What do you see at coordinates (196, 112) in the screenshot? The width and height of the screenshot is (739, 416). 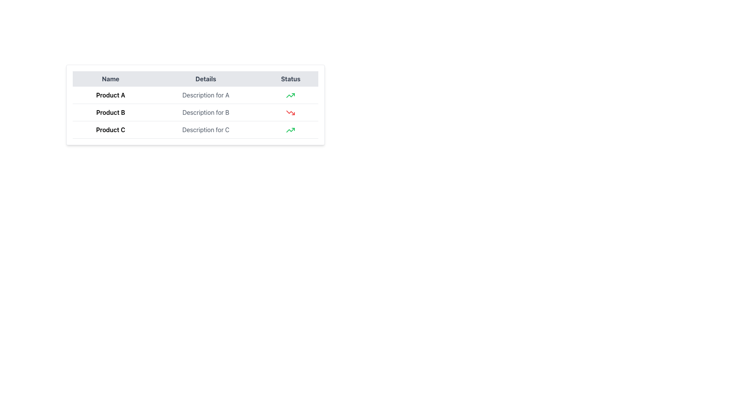 I see `text content of the second row in the product information table, which includes 'Product B', 'Description for B', and a red downward-trending arrow icon` at bounding box center [196, 112].